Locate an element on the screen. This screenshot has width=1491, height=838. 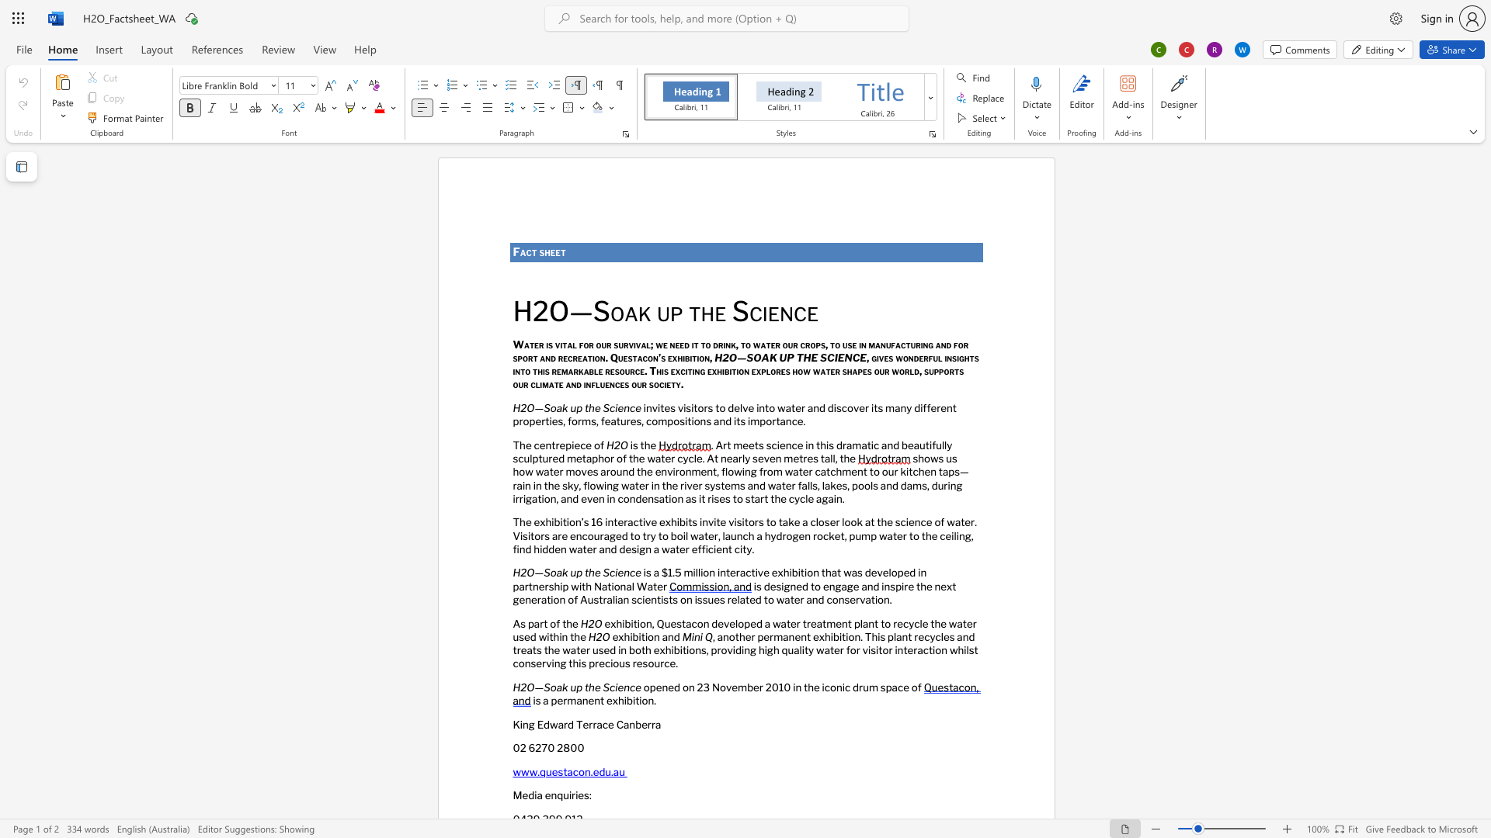
the 1th character "H" in the text is located at coordinates (516, 407).